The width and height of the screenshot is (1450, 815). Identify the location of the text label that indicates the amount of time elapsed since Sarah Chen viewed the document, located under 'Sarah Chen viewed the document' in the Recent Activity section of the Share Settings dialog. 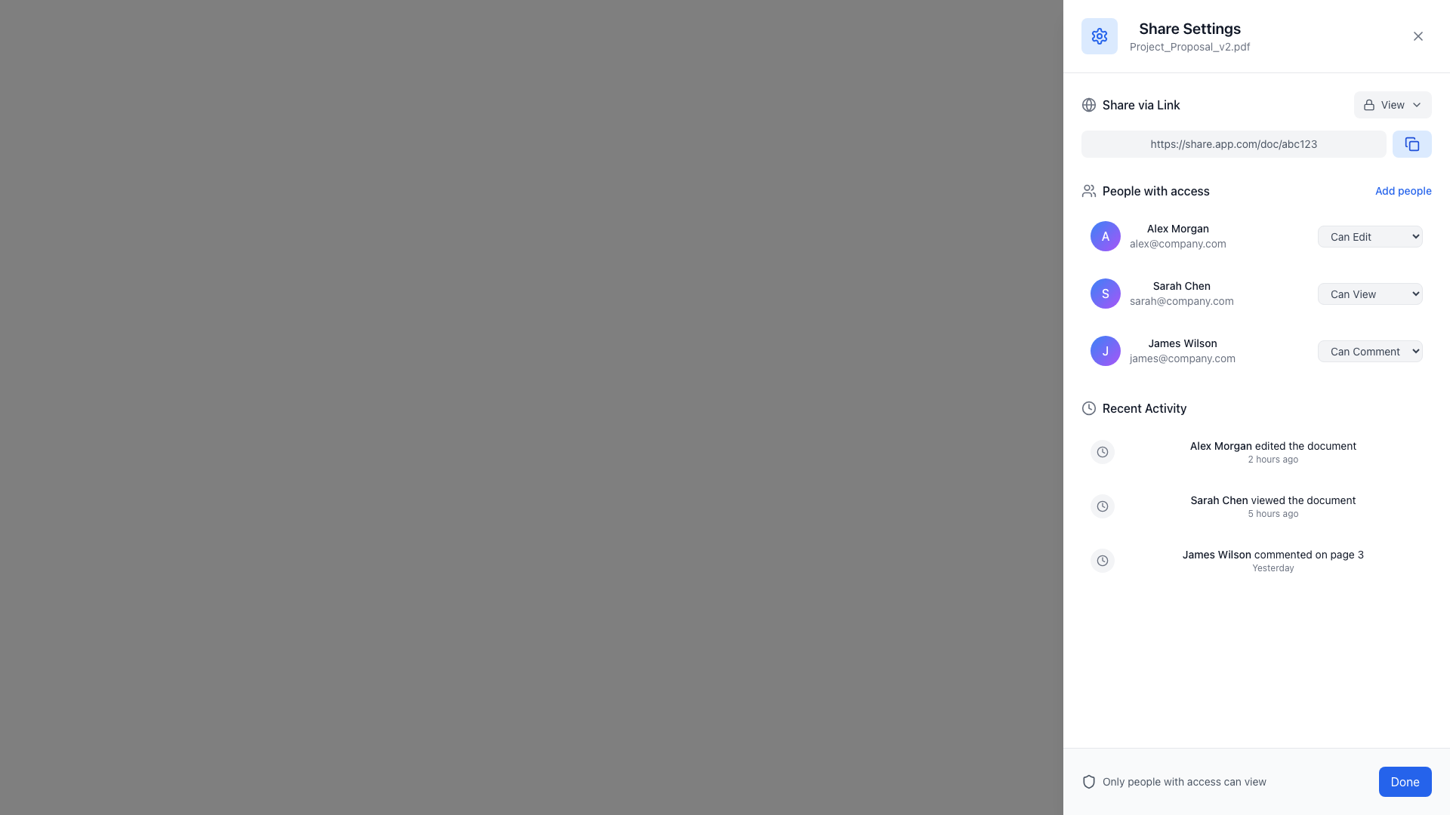
(1272, 513).